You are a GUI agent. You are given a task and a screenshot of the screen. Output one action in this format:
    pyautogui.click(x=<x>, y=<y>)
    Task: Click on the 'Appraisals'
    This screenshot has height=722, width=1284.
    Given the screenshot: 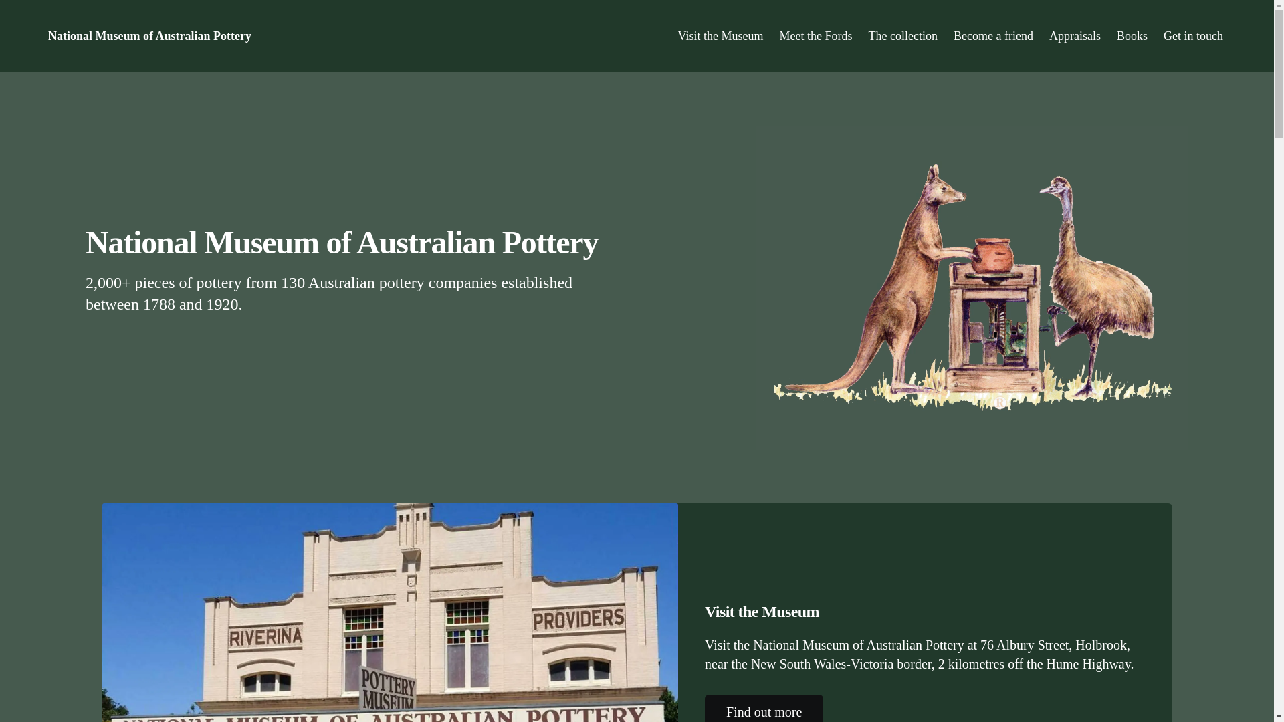 What is the action you would take?
    pyautogui.click(x=1075, y=35)
    